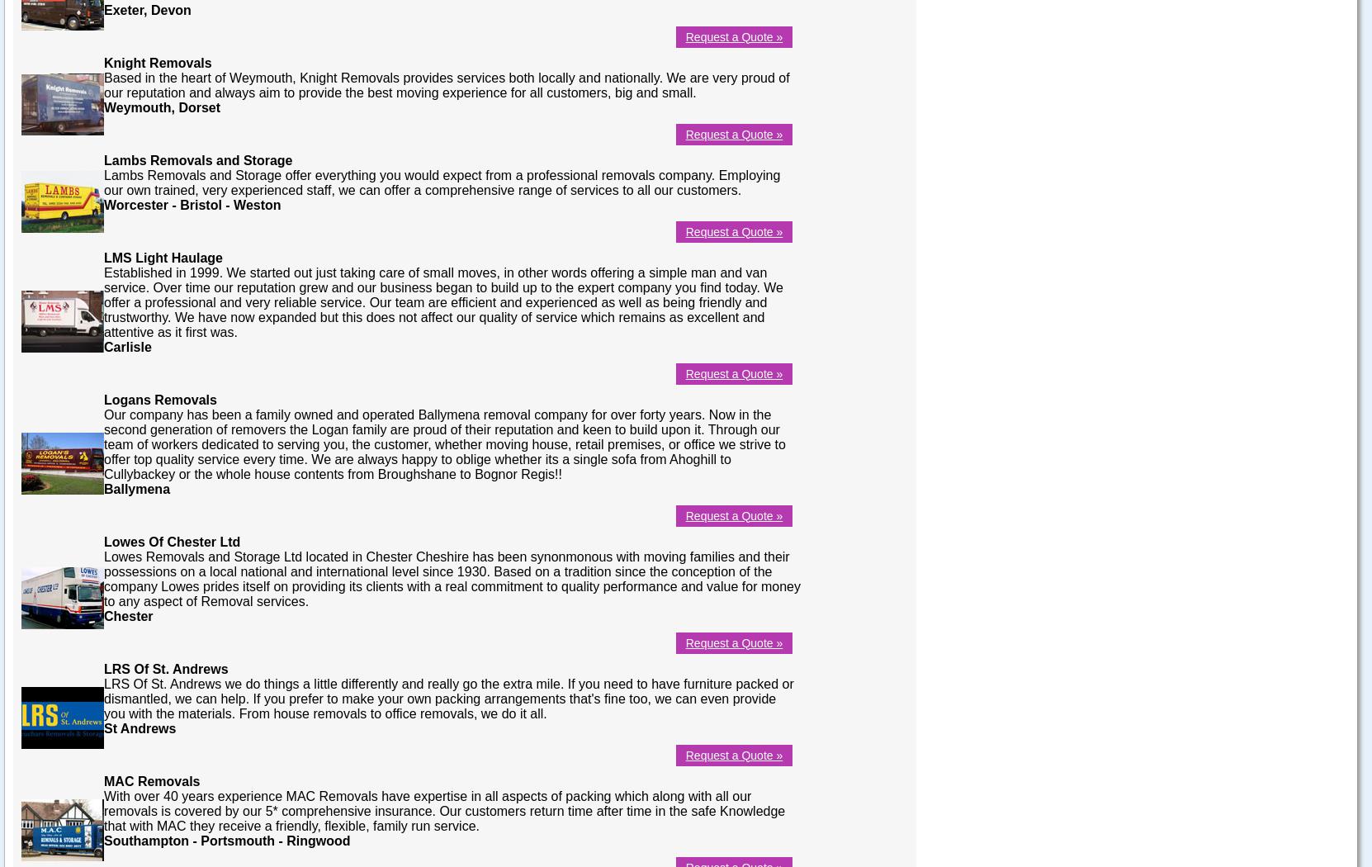  What do you see at coordinates (171, 540) in the screenshot?
I see `'Lowes Of Chester Ltd'` at bounding box center [171, 540].